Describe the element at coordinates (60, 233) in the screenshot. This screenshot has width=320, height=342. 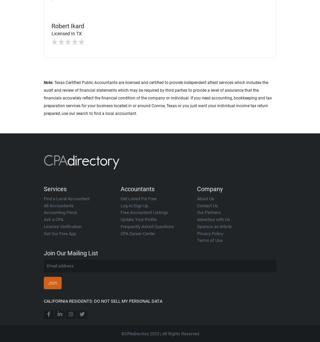
I see `'Get Our Free App'` at that location.